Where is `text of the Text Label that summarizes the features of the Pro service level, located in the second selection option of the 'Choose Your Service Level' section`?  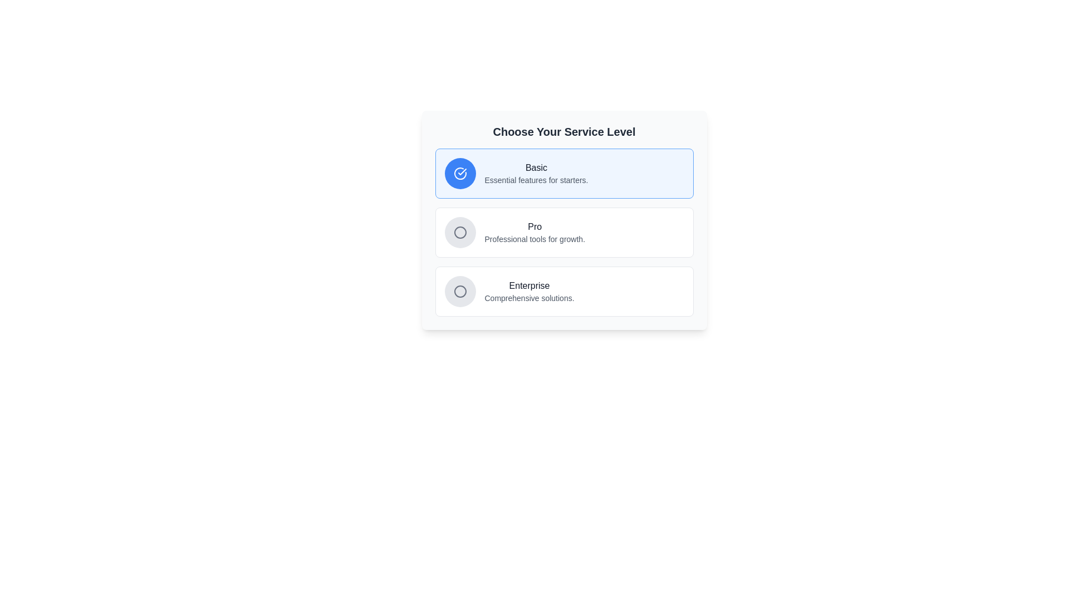
text of the Text Label that summarizes the features of the Pro service level, located in the second selection option of the 'Choose Your Service Level' section is located at coordinates (534, 226).